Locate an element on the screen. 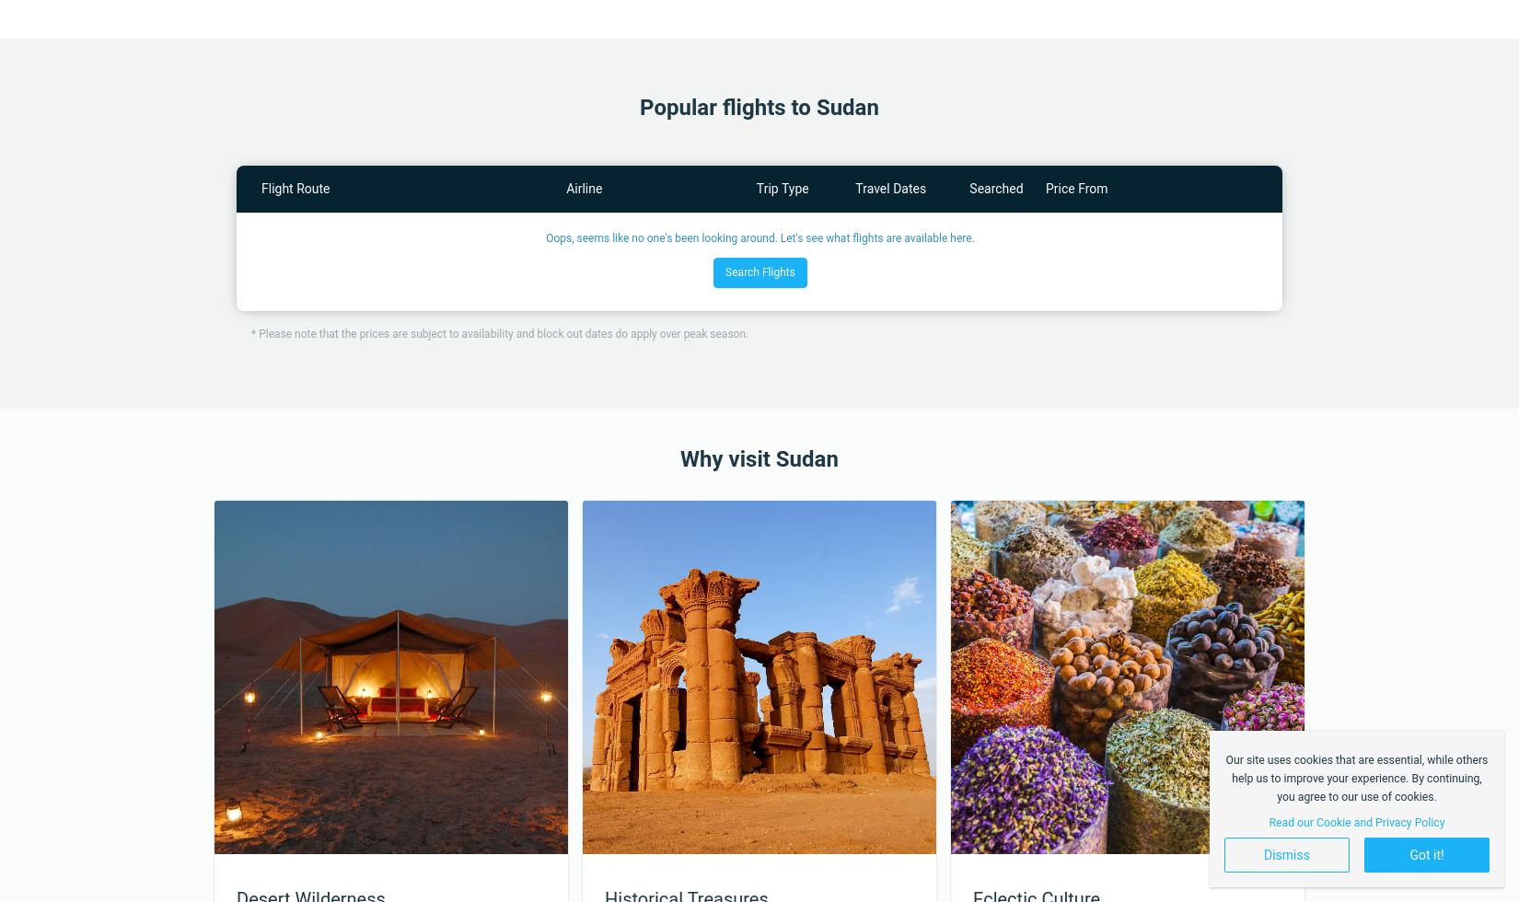 The height and width of the screenshot is (902, 1519). 'Dismiss' is located at coordinates (1285, 855).